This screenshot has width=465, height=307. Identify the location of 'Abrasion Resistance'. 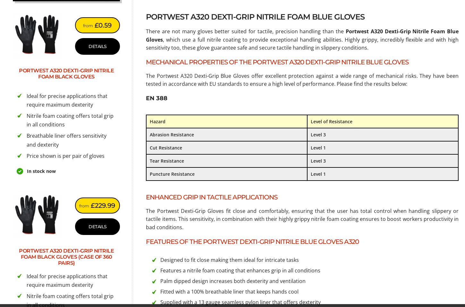
(172, 134).